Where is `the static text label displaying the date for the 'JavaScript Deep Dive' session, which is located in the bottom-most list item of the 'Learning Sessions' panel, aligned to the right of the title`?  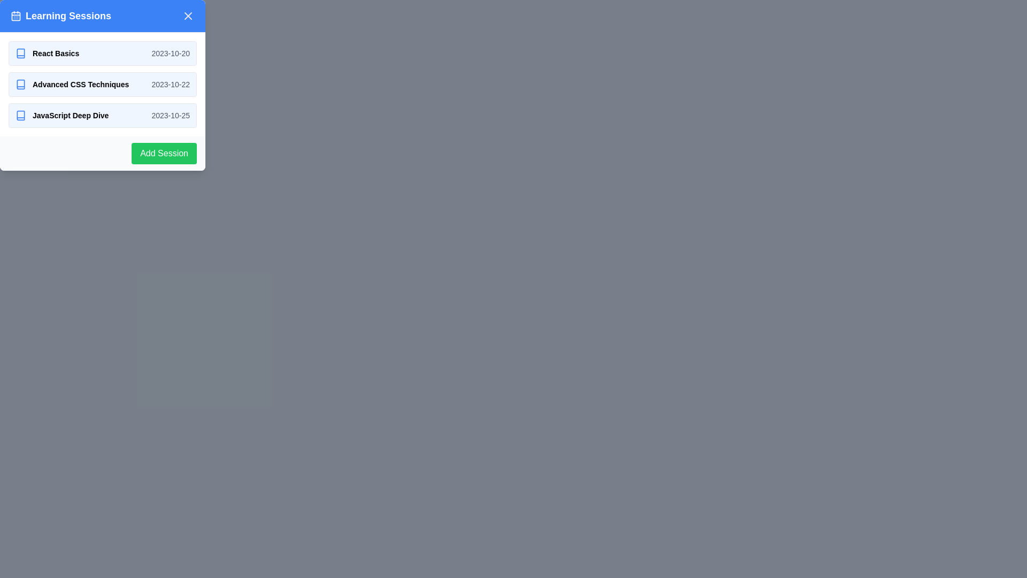
the static text label displaying the date for the 'JavaScript Deep Dive' session, which is located in the bottom-most list item of the 'Learning Sessions' panel, aligned to the right of the title is located at coordinates (170, 116).